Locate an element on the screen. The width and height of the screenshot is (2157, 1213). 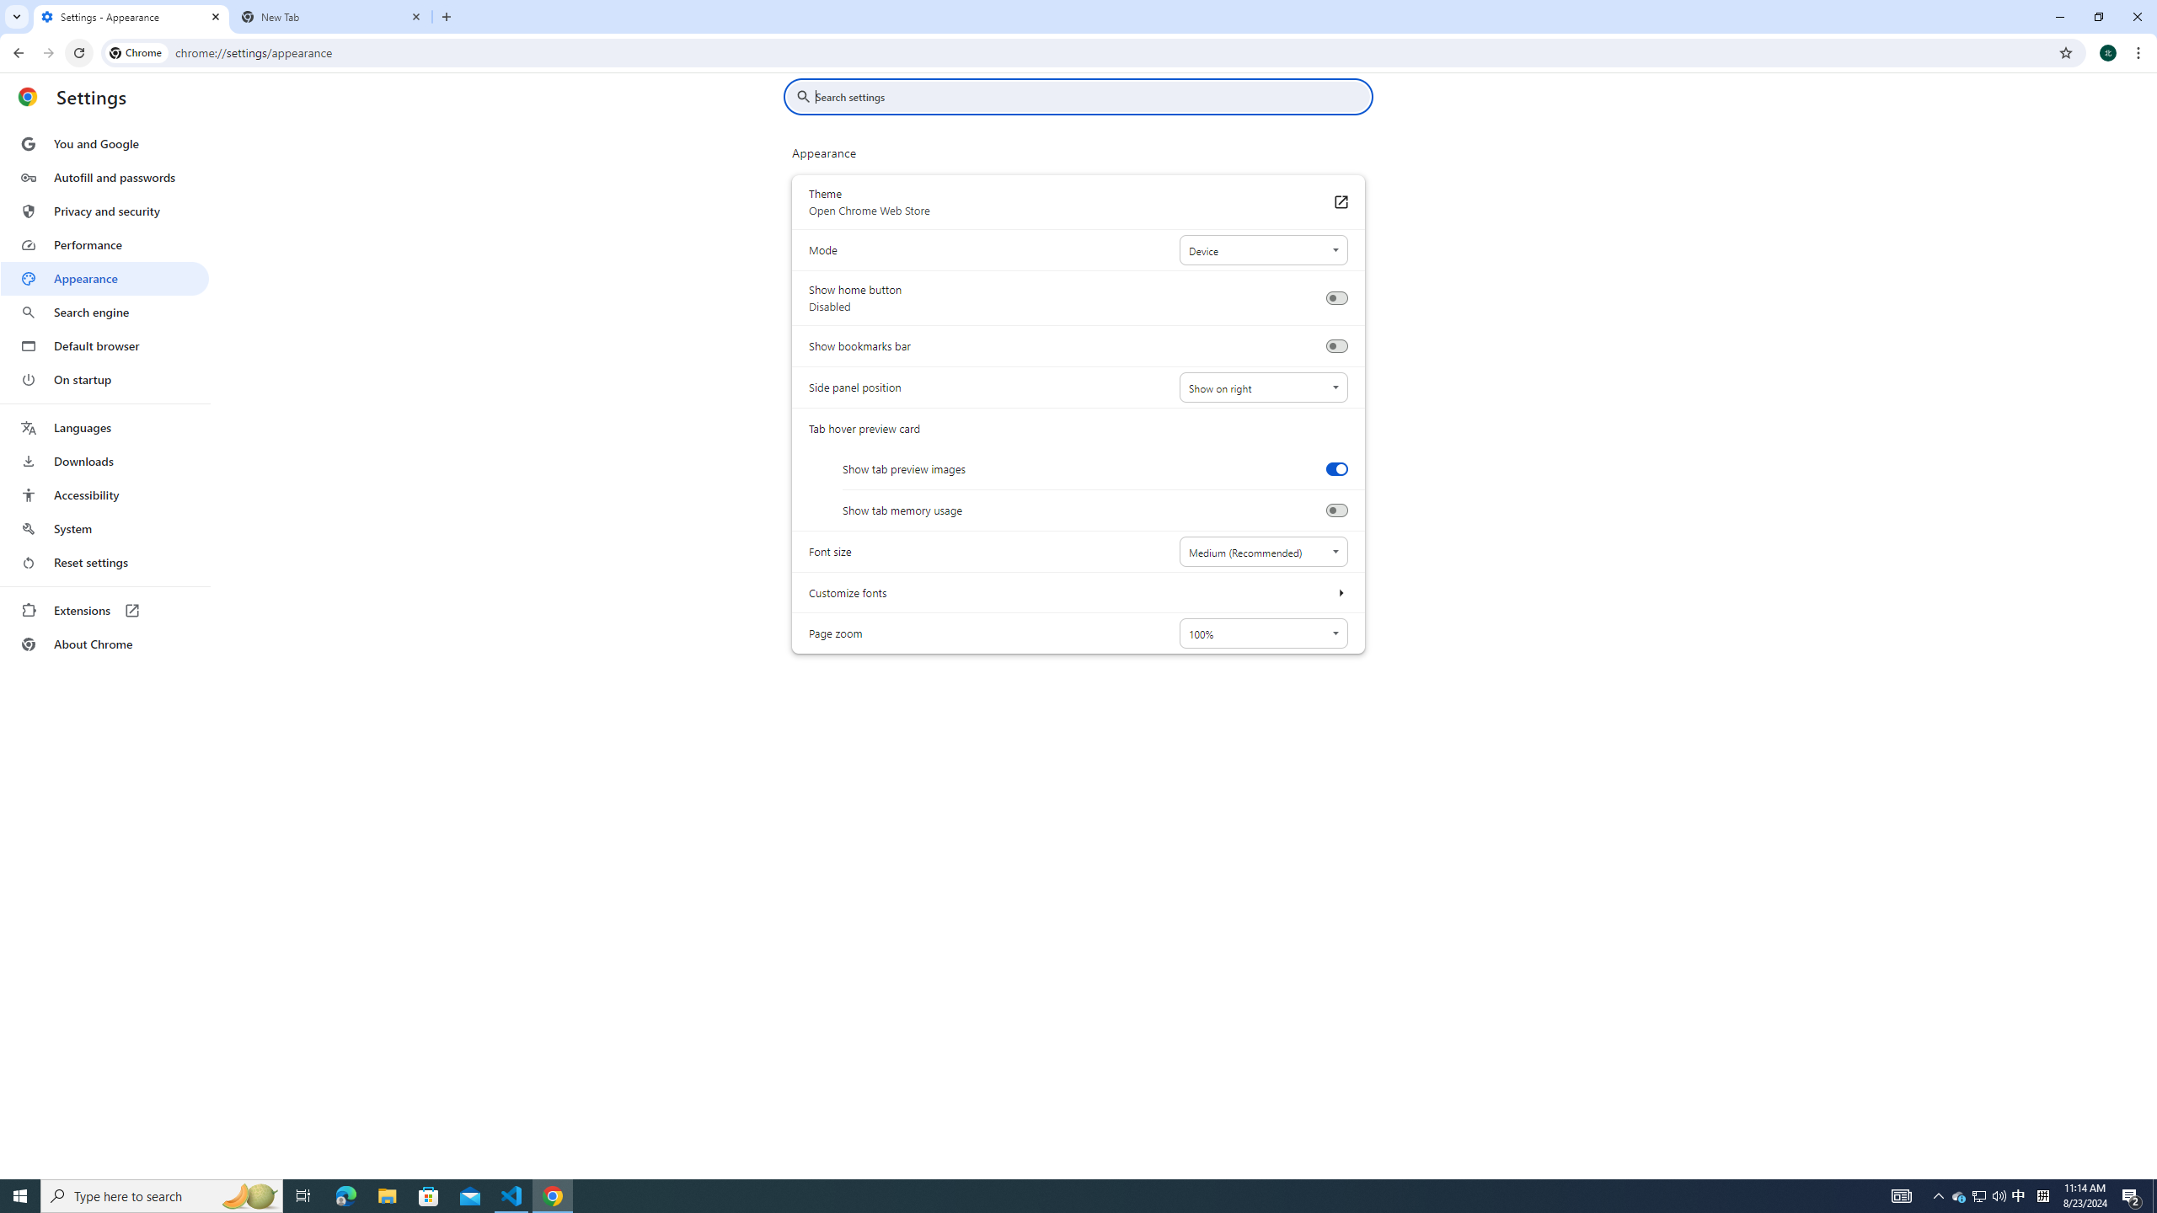
'Downloads' is located at coordinates (104, 461).